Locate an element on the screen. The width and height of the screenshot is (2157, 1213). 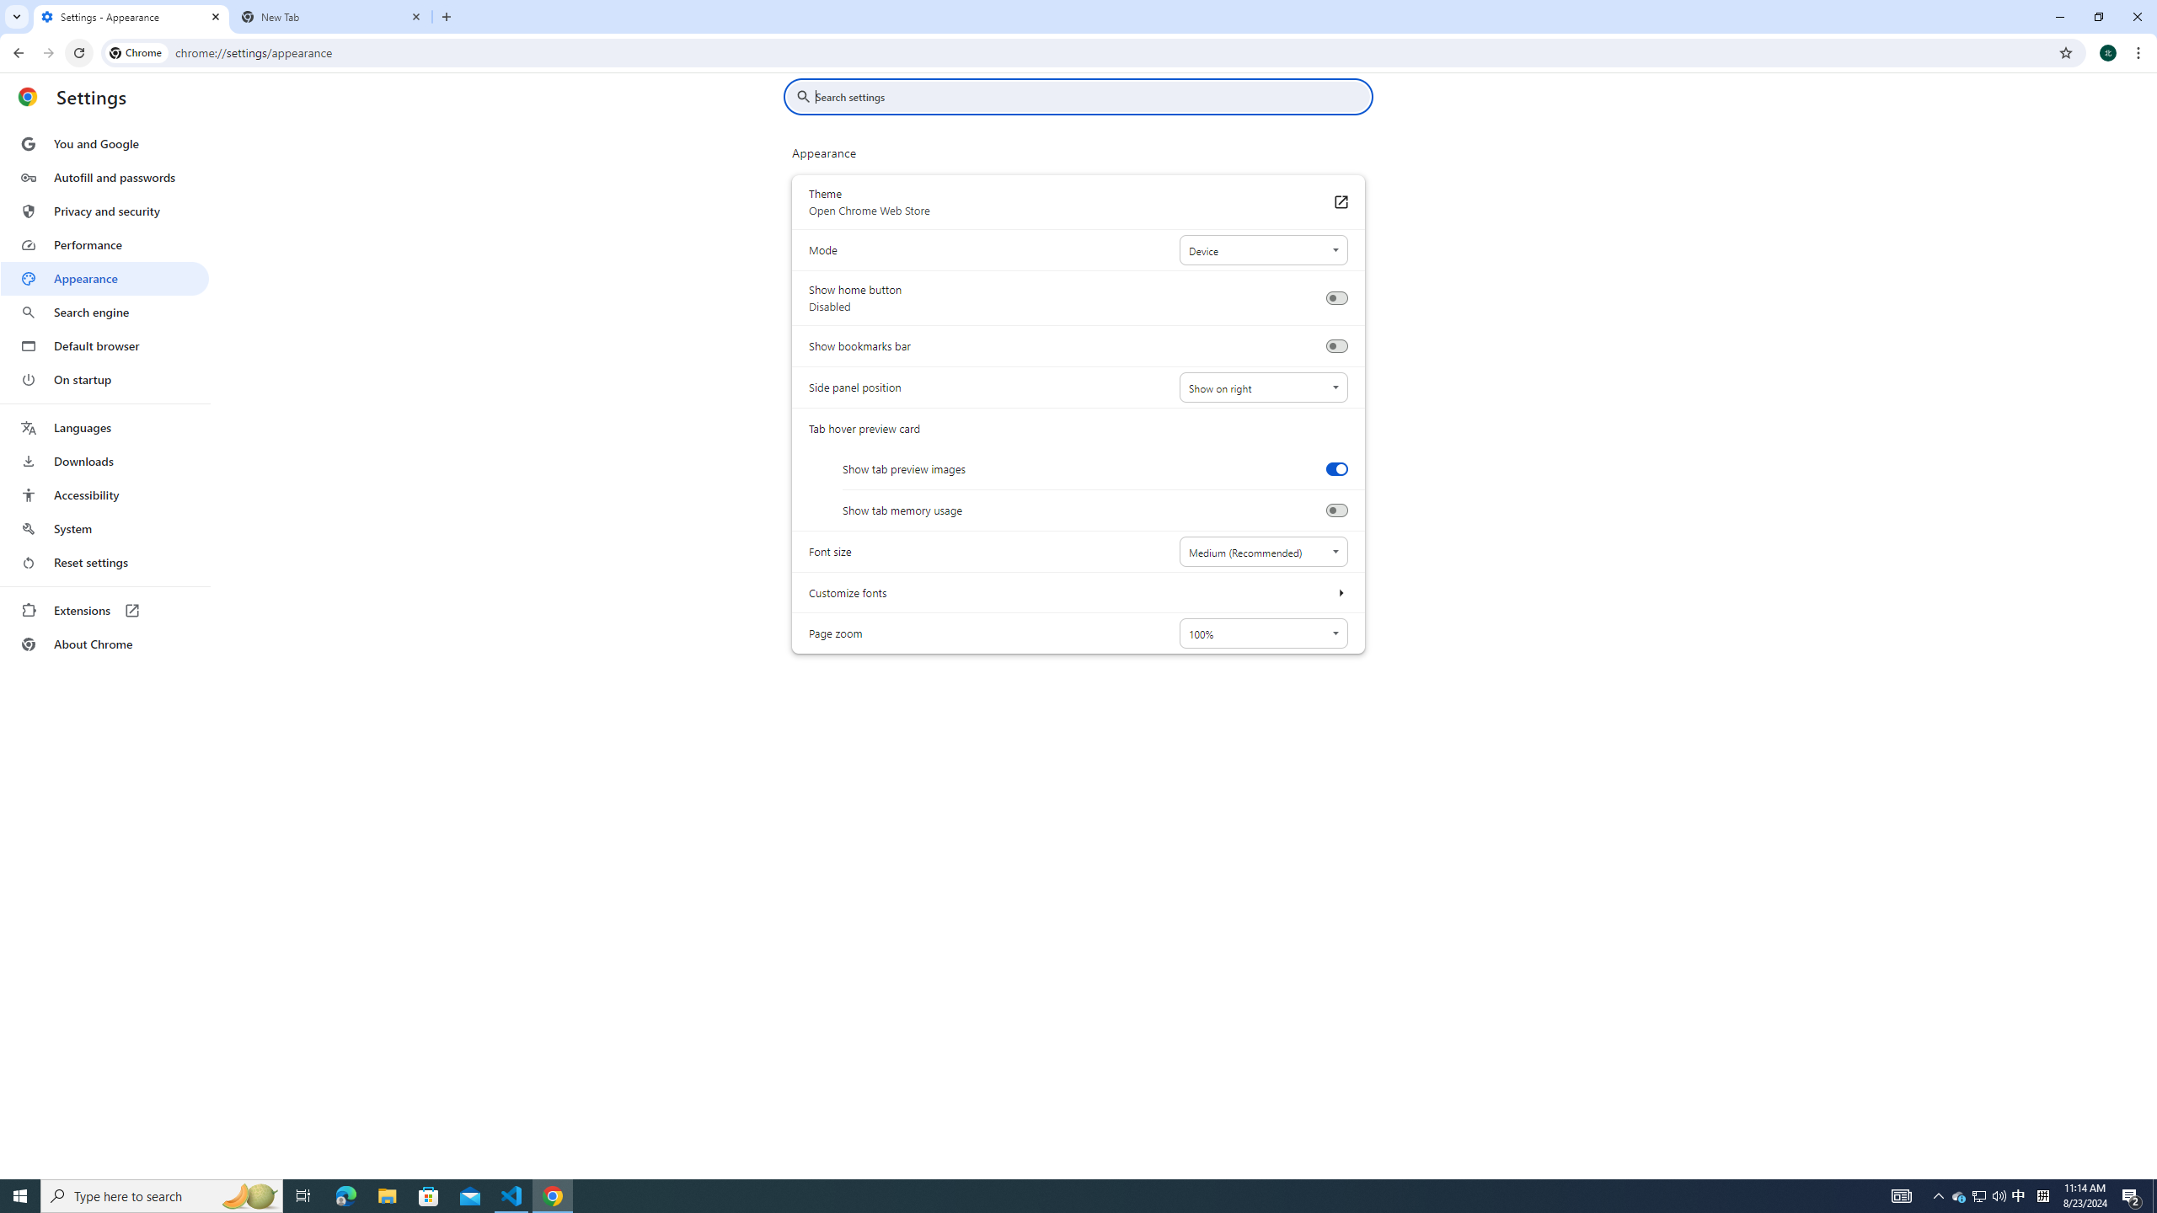
'Downloads' is located at coordinates (104, 461).